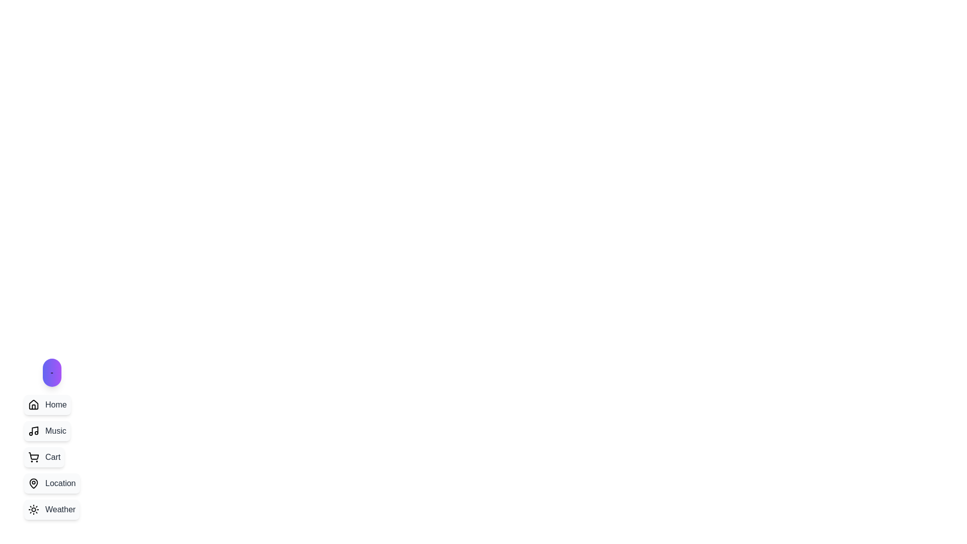 The width and height of the screenshot is (967, 544). What do you see at coordinates (60, 509) in the screenshot?
I see `the 'Weather' text label in the vertical navigation bar` at bounding box center [60, 509].